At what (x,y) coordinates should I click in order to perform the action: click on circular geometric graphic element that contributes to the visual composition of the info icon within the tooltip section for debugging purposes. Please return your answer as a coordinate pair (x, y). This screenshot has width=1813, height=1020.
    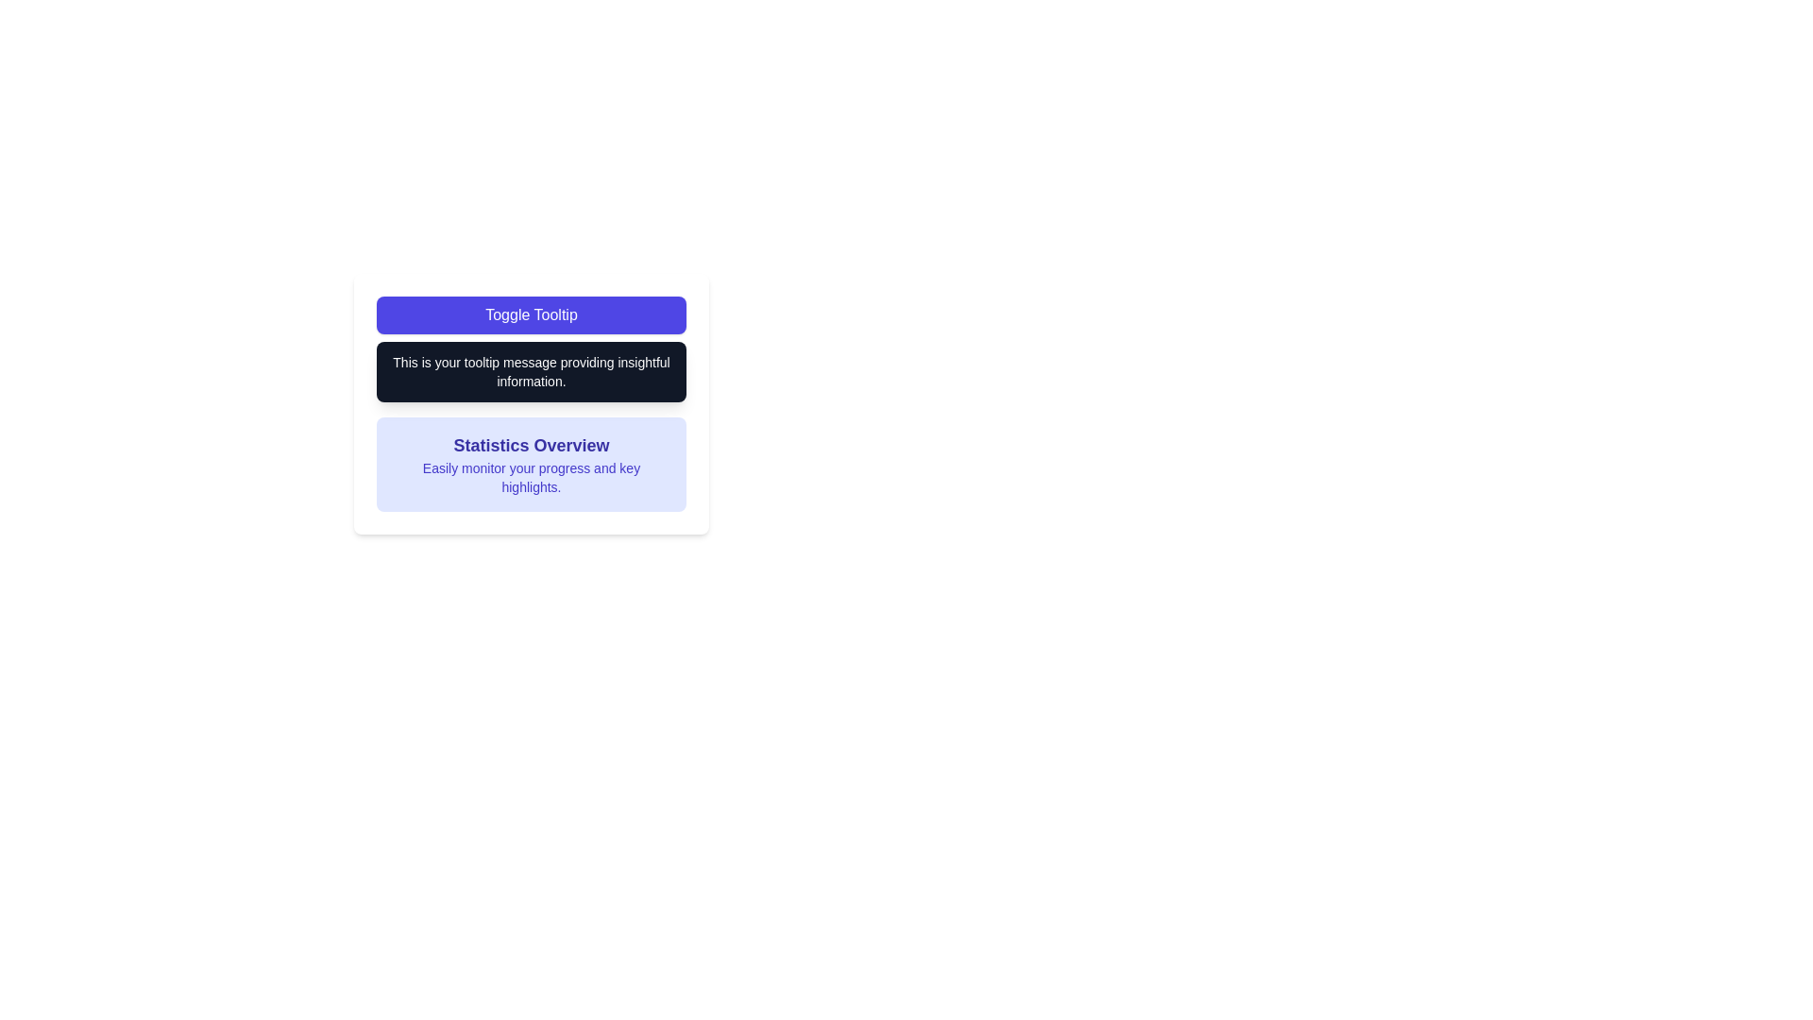
    Looking at the image, I should click on (384, 375).